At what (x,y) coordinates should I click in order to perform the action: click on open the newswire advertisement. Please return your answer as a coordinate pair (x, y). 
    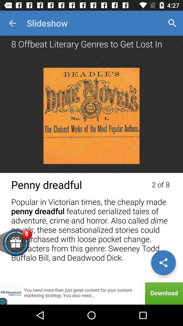
    Looking at the image, I should click on (91, 293).